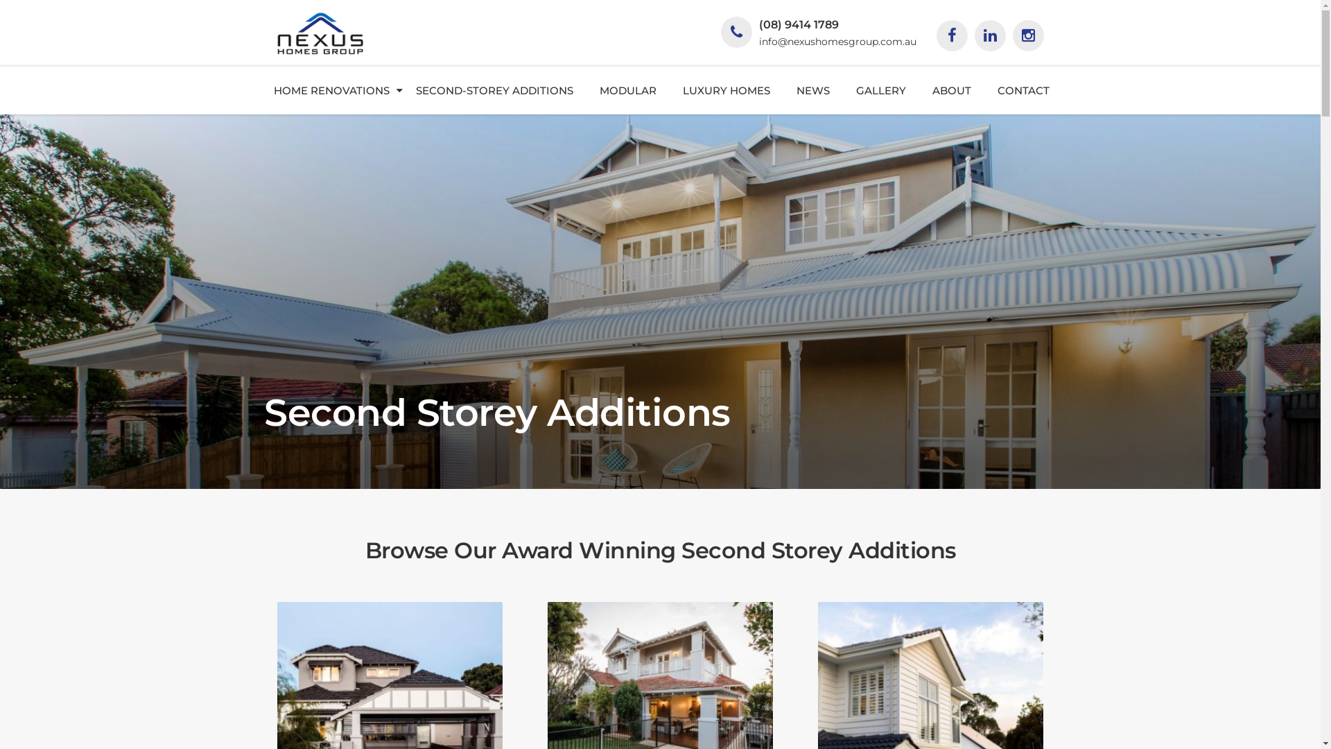  Describe the element at coordinates (798, 24) in the screenshot. I see `'(08) 9414 1789'` at that location.